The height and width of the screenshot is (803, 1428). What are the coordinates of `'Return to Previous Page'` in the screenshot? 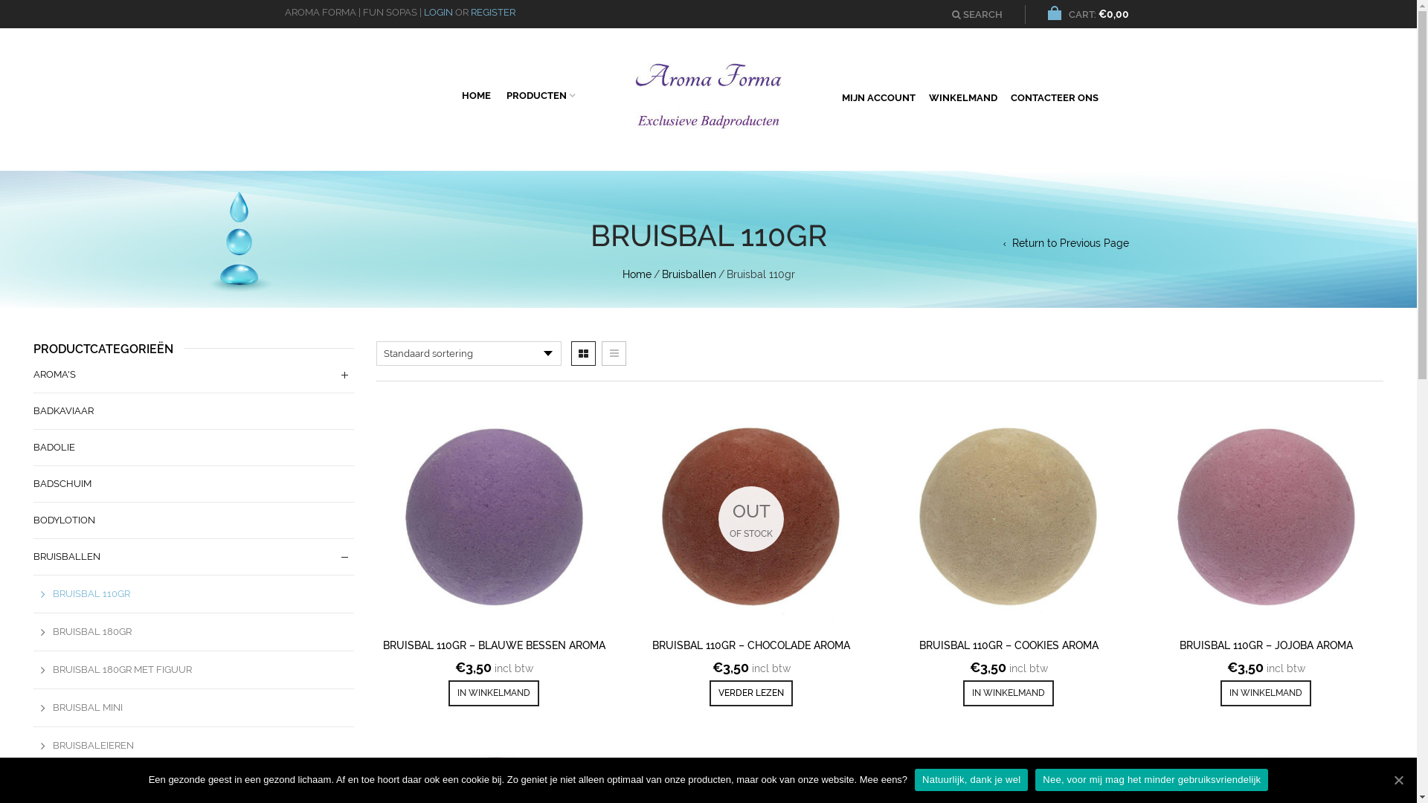 It's located at (1064, 242).